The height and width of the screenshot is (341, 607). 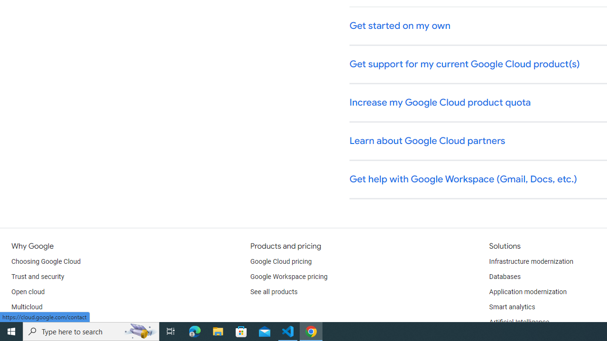 What do you see at coordinates (527, 292) in the screenshot?
I see `'Application modernization'` at bounding box center [527, 292].